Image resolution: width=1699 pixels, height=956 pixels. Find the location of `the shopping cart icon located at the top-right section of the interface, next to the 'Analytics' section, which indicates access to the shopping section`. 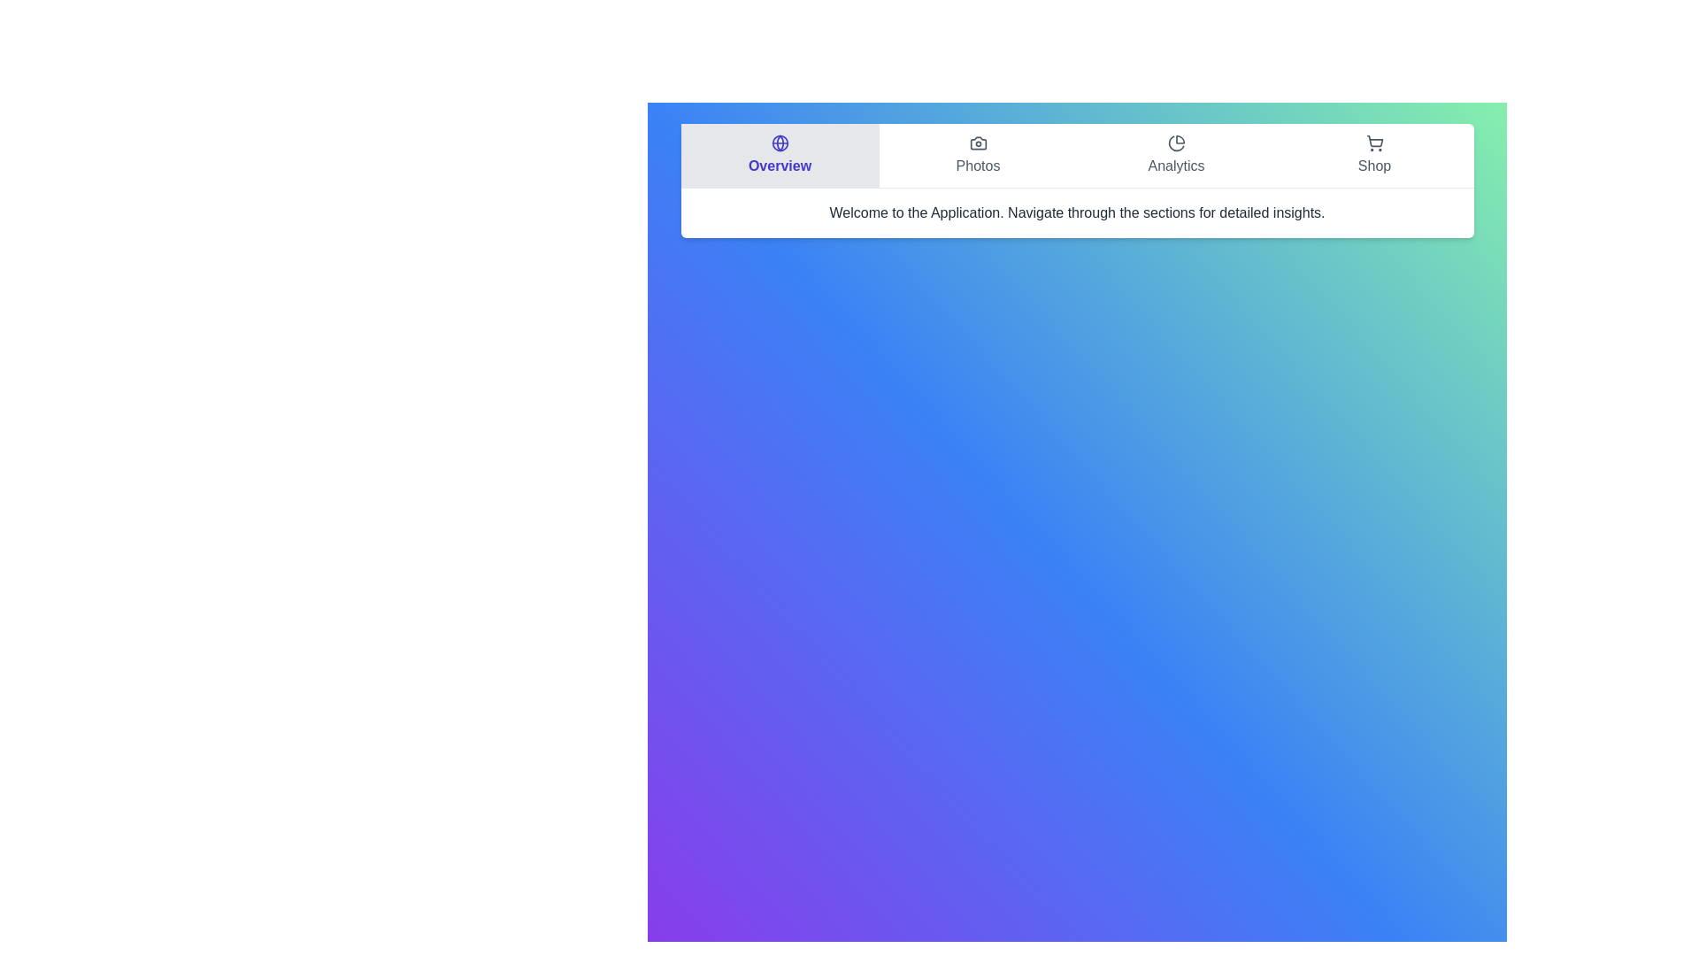

the shopping cart icon located at the top-right section of the interface, next to the 'Analytics' section, which indicates access to the shopping section is located at coordinates (1373, 139).